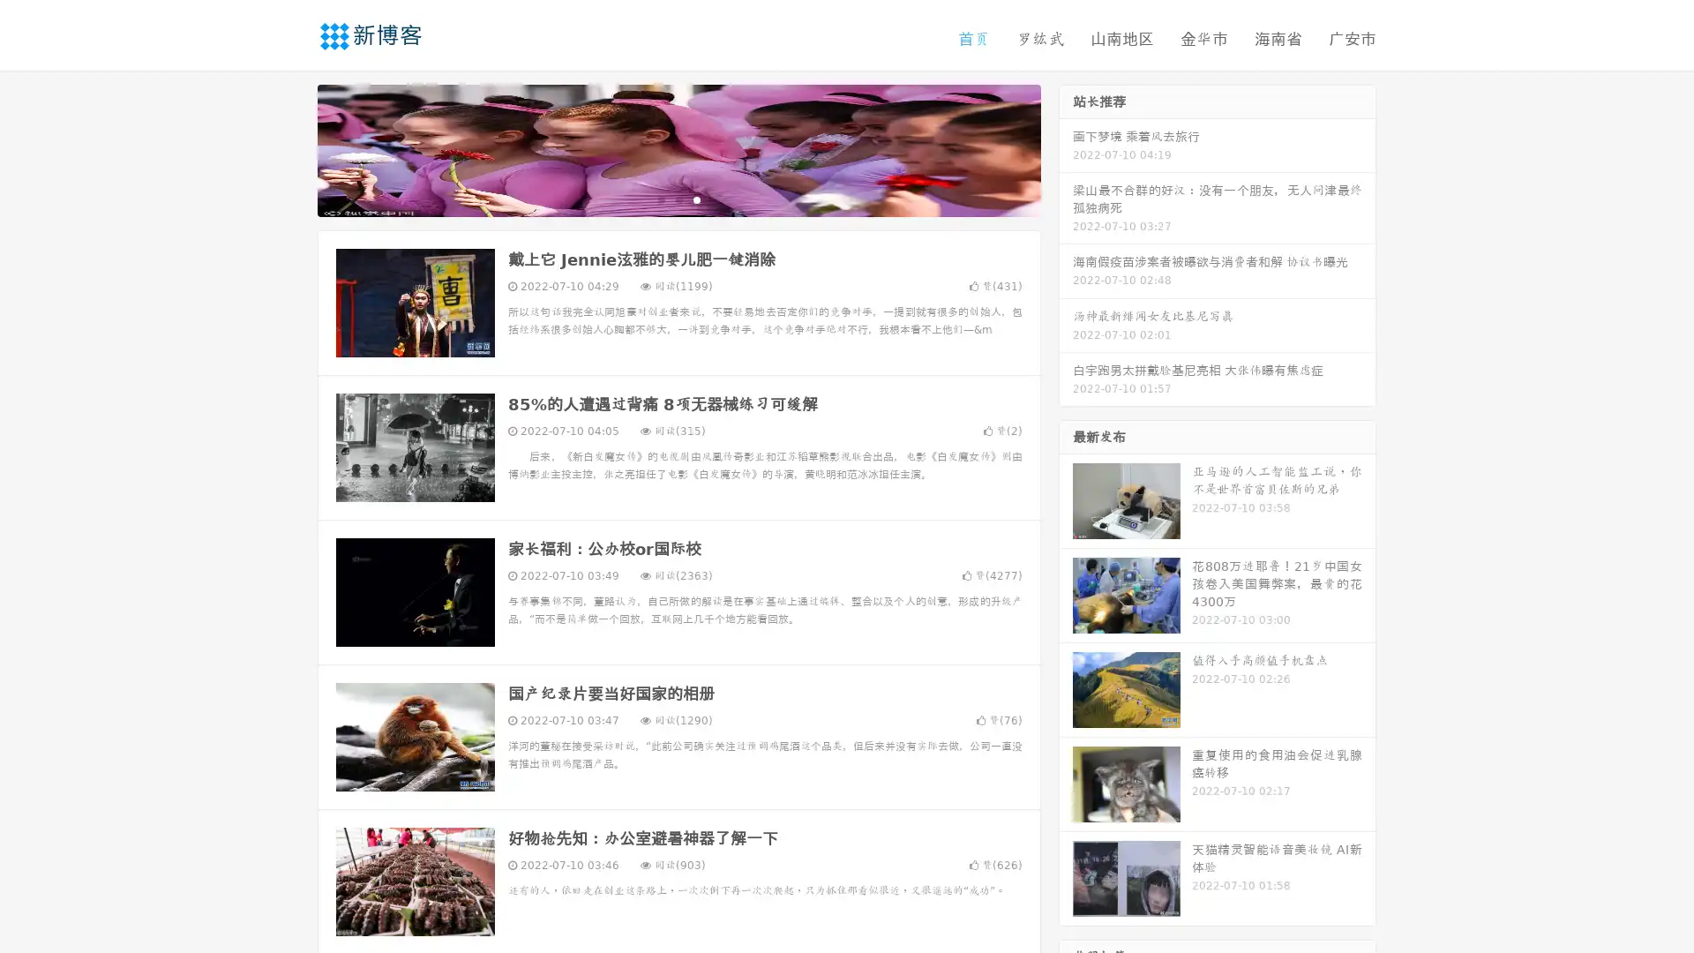 Image resolution: width=1694 pixels, height=953 pixels. What do you see at coordinates (1066, 148) in the screenshot?
I see `Next slide` at bounding box center [1066, 148].